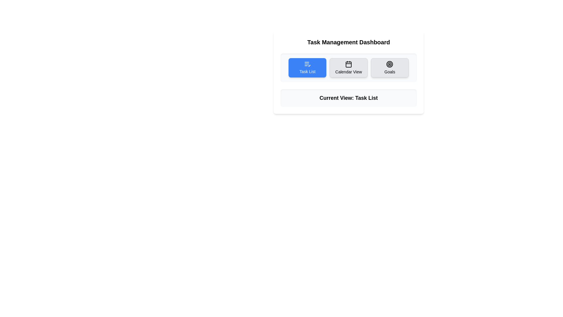 This screenshot has width=563, height=317. Describe the element at coordinates (390, 64) in the screenshot. I see `the outermost circle within the SVG graphic in the 'Goals' section, located in the upper-right of the button row` at that location.